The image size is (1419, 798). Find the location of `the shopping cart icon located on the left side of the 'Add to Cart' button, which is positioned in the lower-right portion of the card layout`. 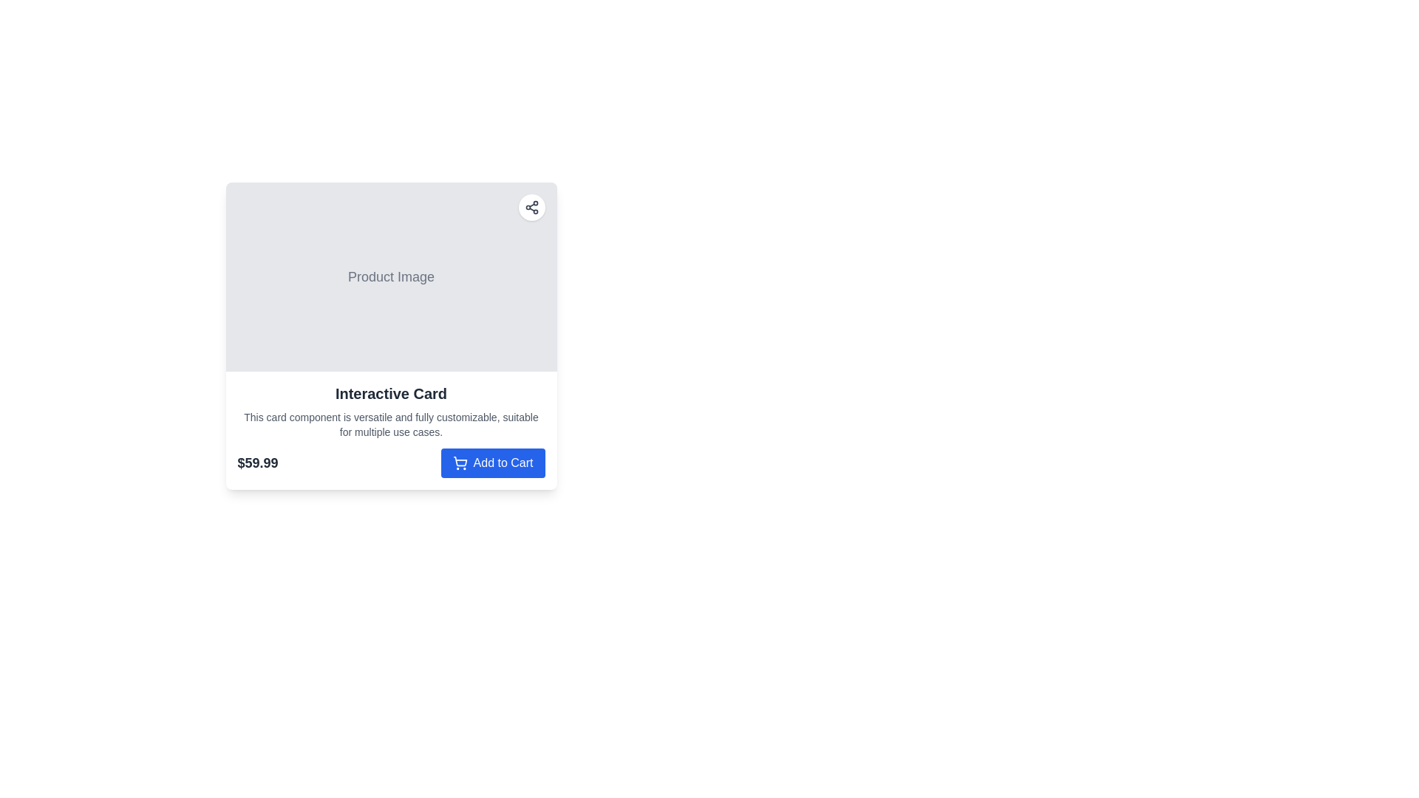

the shopping cart icon located on the left side of the 'Add to Cart' button, which is positioned in the lower-right portion of the card layout is located at coordinates (459, 463).